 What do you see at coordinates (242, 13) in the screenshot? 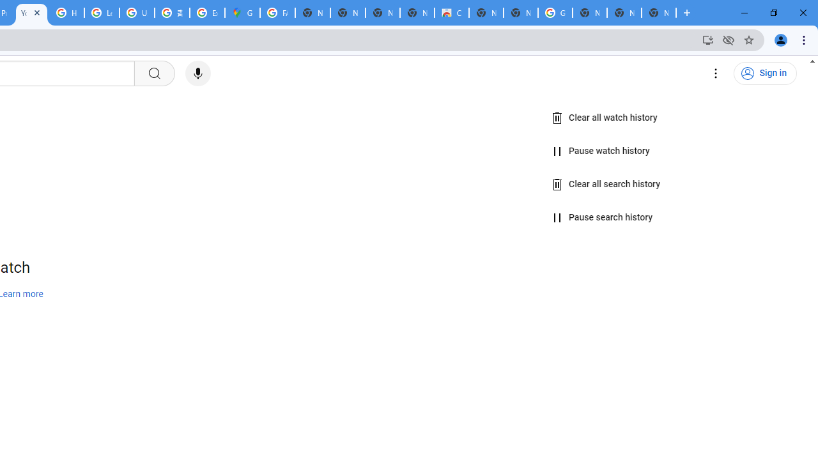
I see `'Google Maps'` at bounding box center [242, 13].